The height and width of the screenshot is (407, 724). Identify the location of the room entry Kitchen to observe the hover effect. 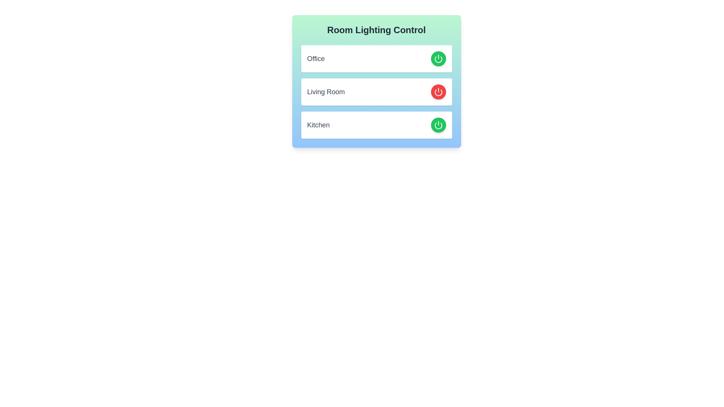
(376, 124).